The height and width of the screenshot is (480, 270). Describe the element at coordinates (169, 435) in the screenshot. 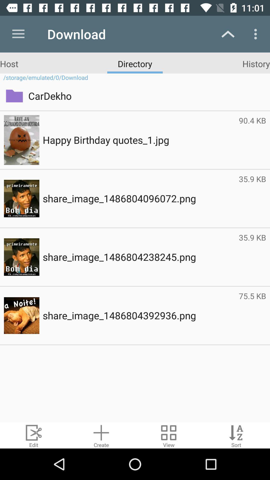

I see `view` at that location.